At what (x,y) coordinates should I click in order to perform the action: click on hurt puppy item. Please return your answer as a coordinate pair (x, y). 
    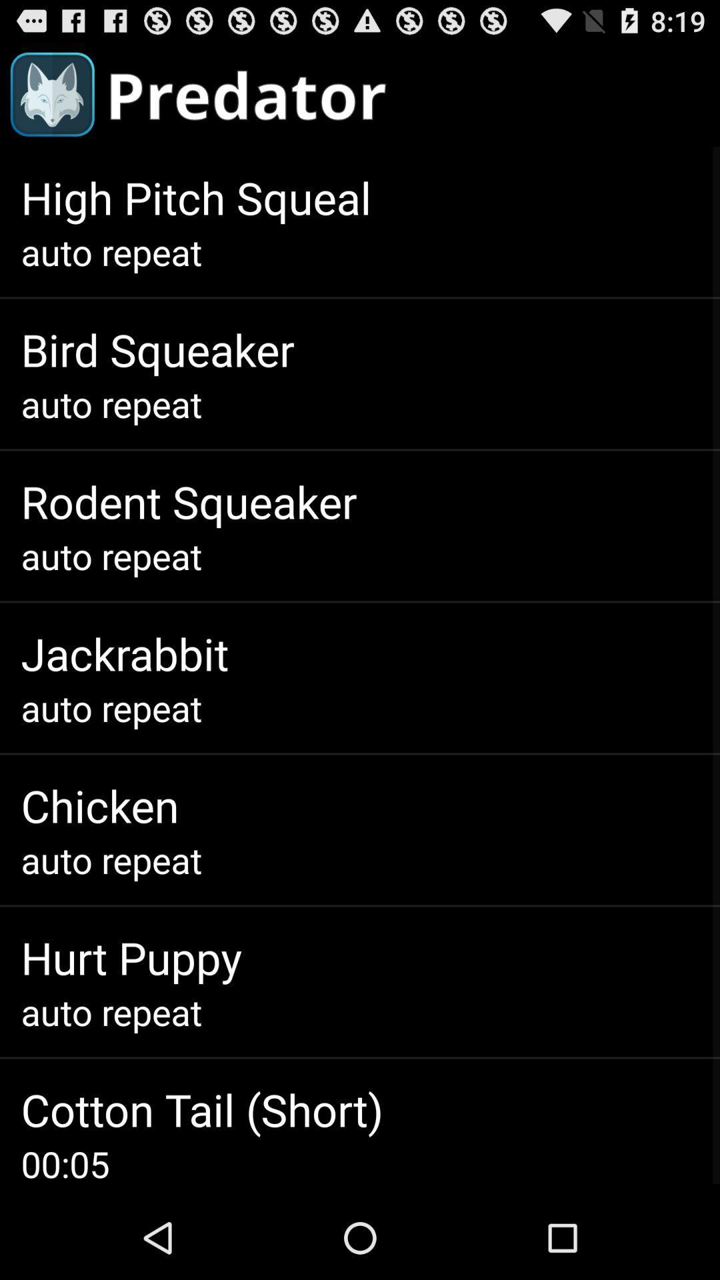
    Looking at the image, I should click on (131, 957).